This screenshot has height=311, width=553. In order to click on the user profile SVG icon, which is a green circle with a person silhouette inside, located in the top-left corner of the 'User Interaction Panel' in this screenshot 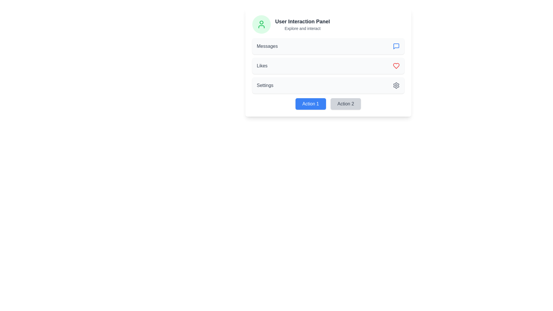, I will do `click(261, 24)`.